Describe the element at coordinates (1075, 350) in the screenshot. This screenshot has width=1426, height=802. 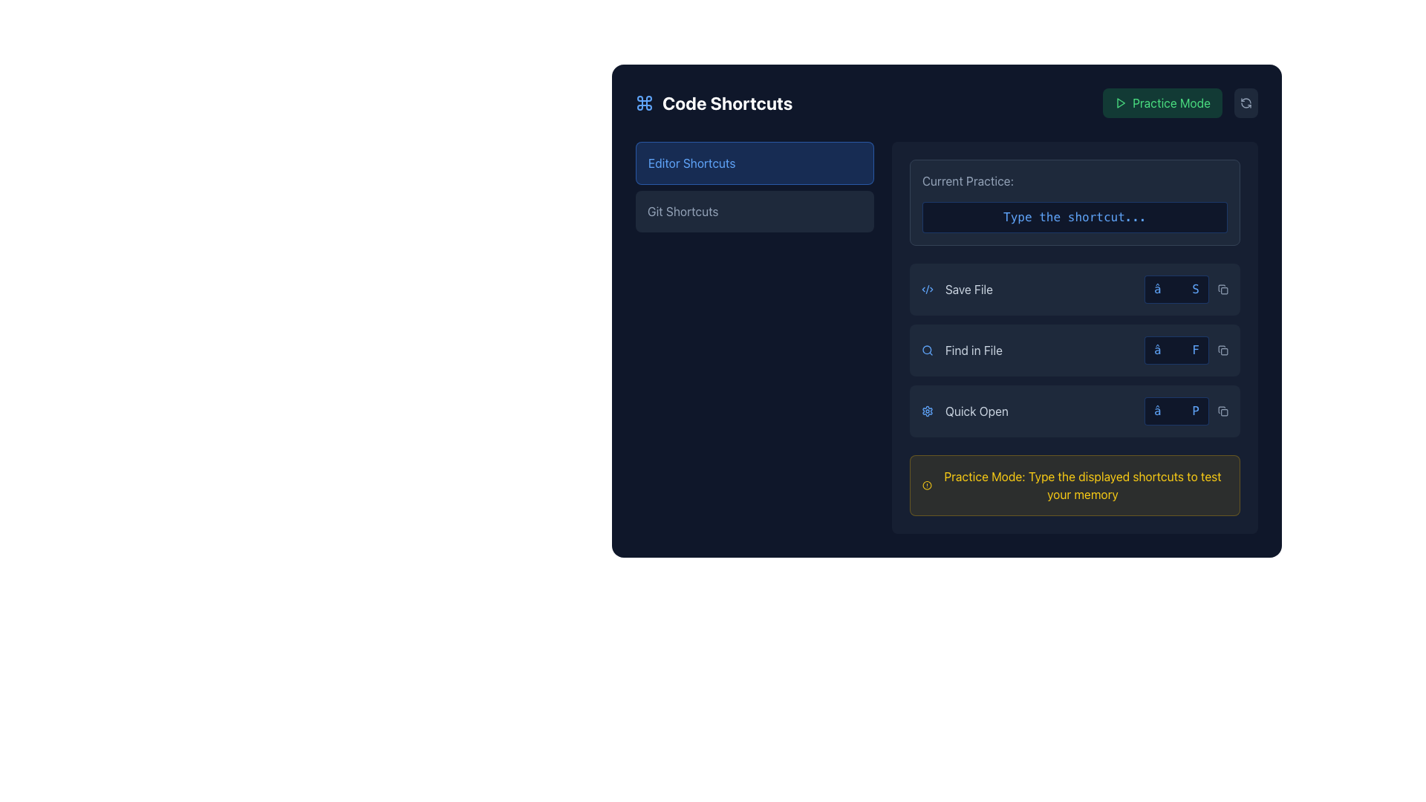
I see `the shortcut information displayed in the rectangular section labeled 'Find in File', which includes the shortcut keys '⌘ F'` at that location.